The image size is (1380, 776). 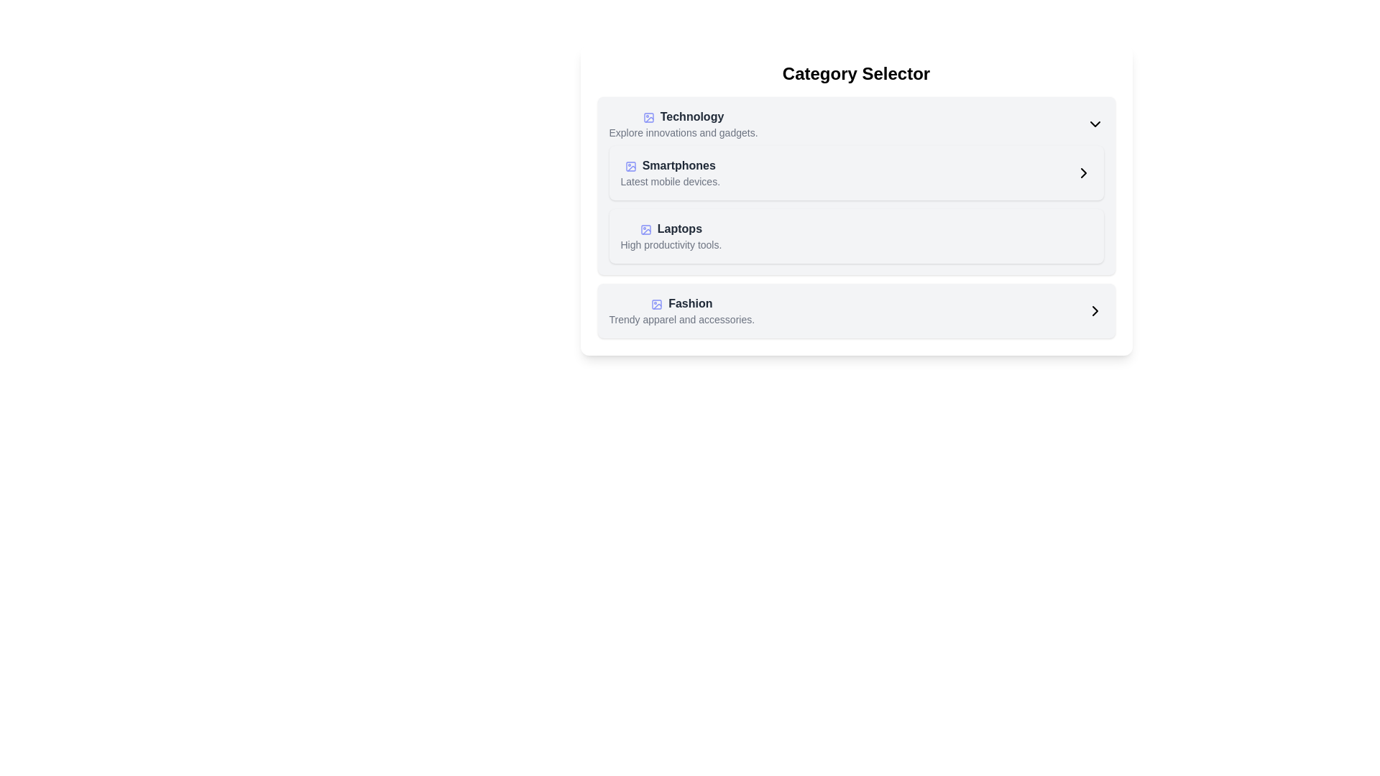 I want to click on the rounded rectangle SVG element located to the left of the 'Smartphones' text in the category selection list, so click(x=630, y=165).